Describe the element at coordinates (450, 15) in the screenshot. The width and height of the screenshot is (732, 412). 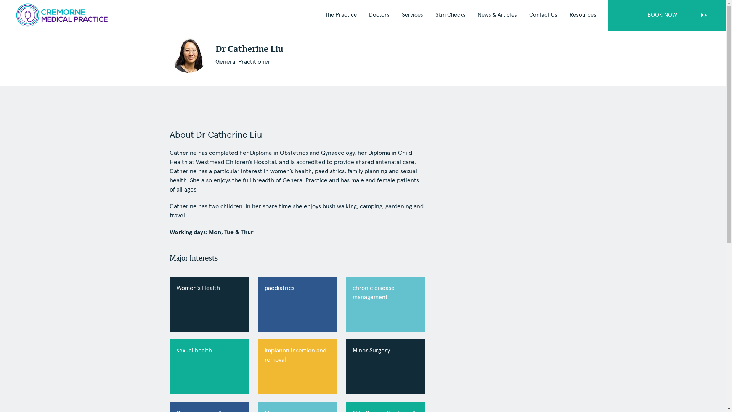
I see `'Skin Checks'` at that location.